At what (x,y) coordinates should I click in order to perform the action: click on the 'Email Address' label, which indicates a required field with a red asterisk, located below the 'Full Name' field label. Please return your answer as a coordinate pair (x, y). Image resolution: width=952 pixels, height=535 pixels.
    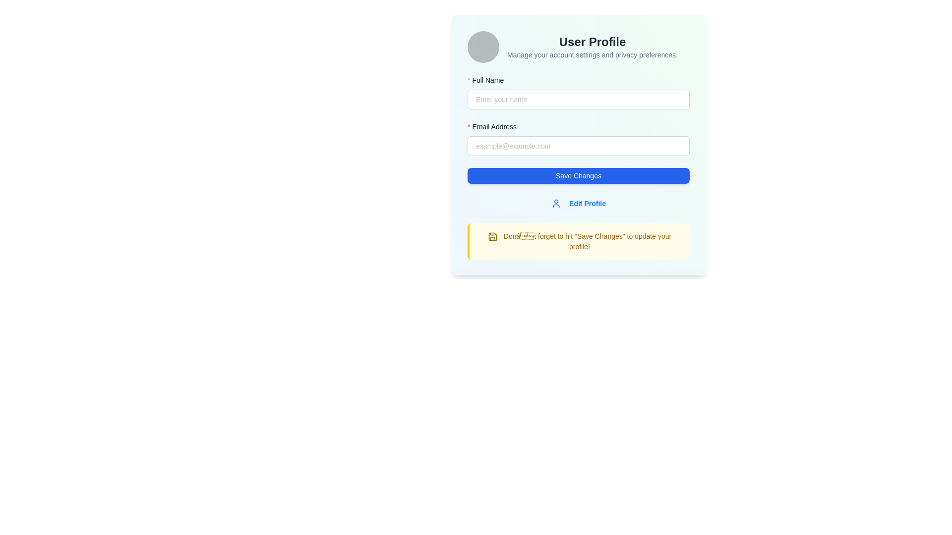
    Looking at the image, I should click on (495, 126).